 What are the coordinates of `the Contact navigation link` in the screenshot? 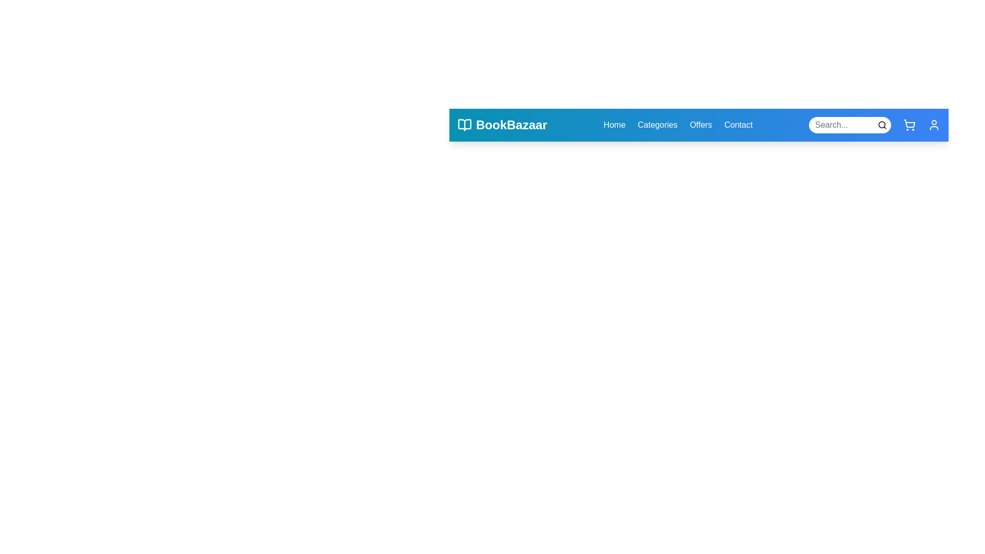 It's located at (738, 124).